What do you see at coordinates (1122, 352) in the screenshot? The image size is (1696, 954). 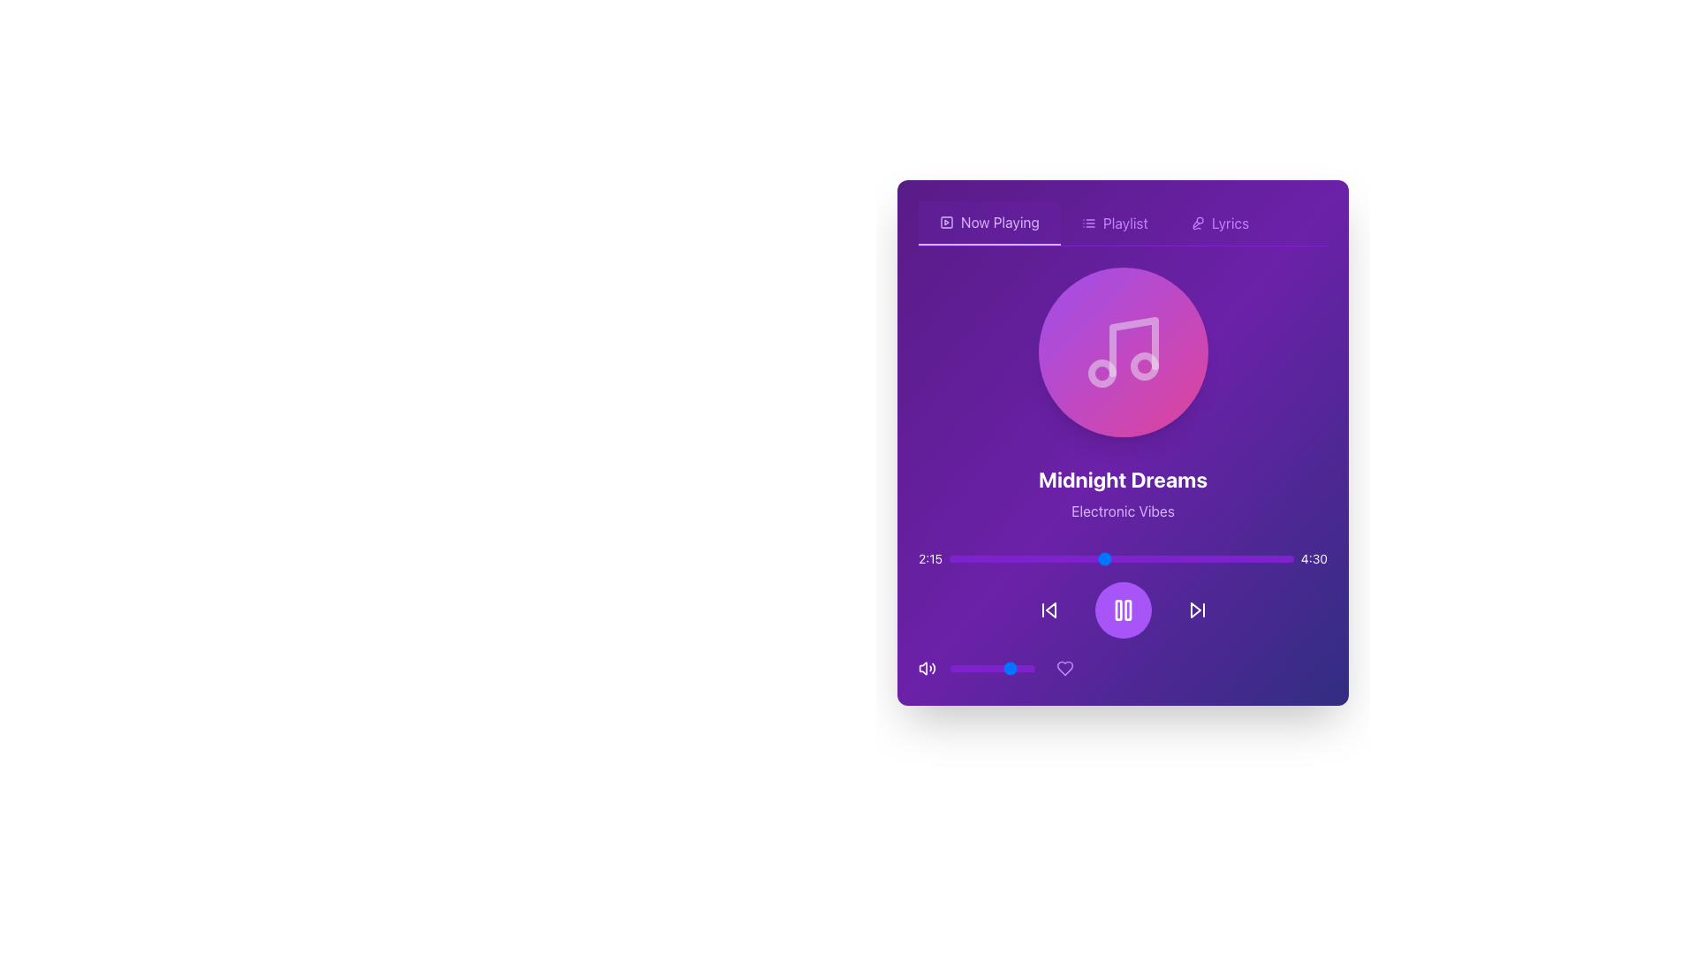 I see `the graphical icon representing the currently playing track or album in the music player interface, located below the 'Now Playing' navigation link and above the text 'Midnight Dreams' and 'Electronic Vibes'` at bounding box center [1122, 352].